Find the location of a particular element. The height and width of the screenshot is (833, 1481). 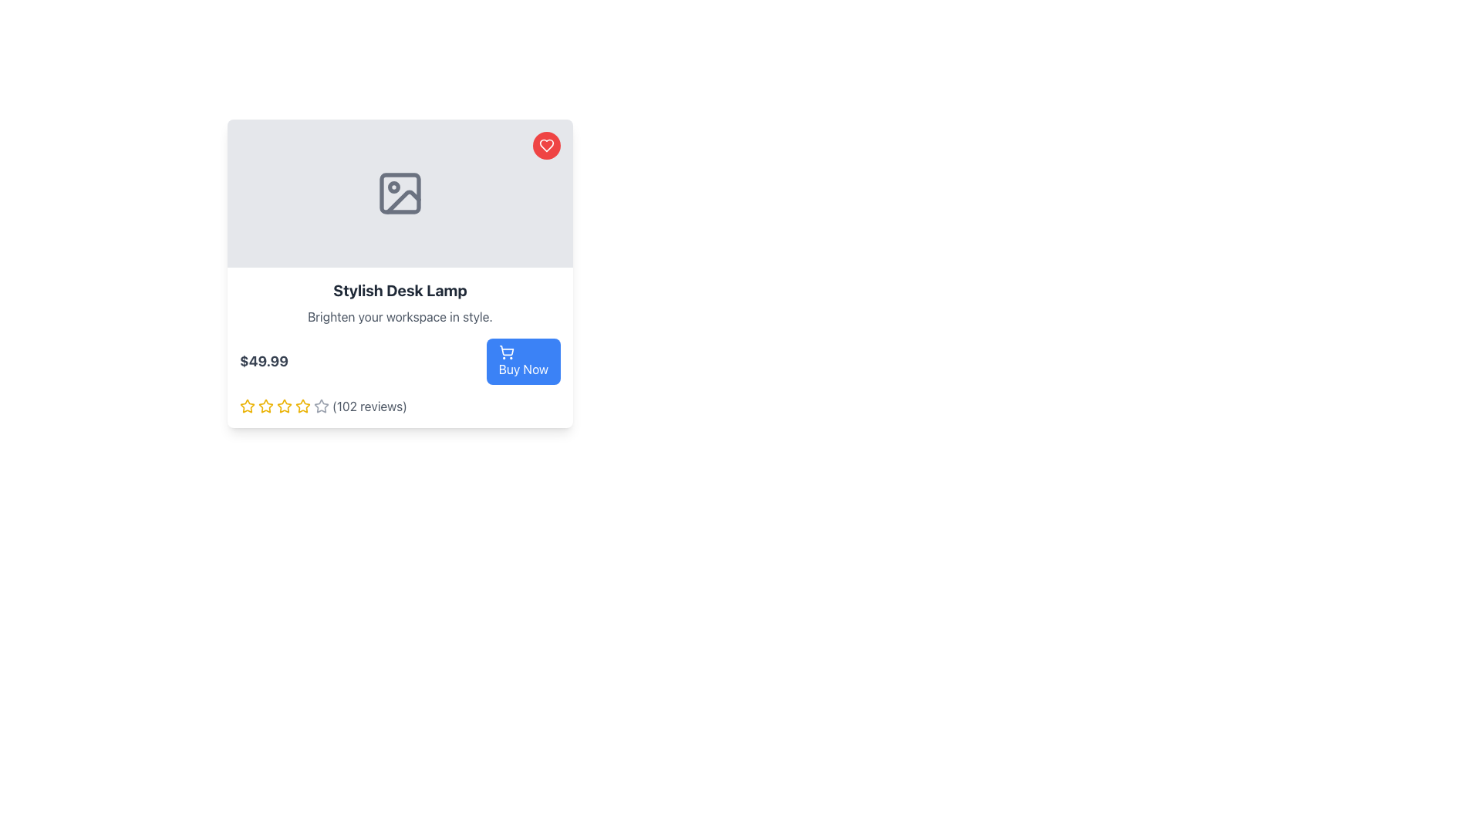

the fourth star icon in the rating system, which is located below the price tag and to the left of the review count text ('102 reviews') is located at coordinates (285, 406).